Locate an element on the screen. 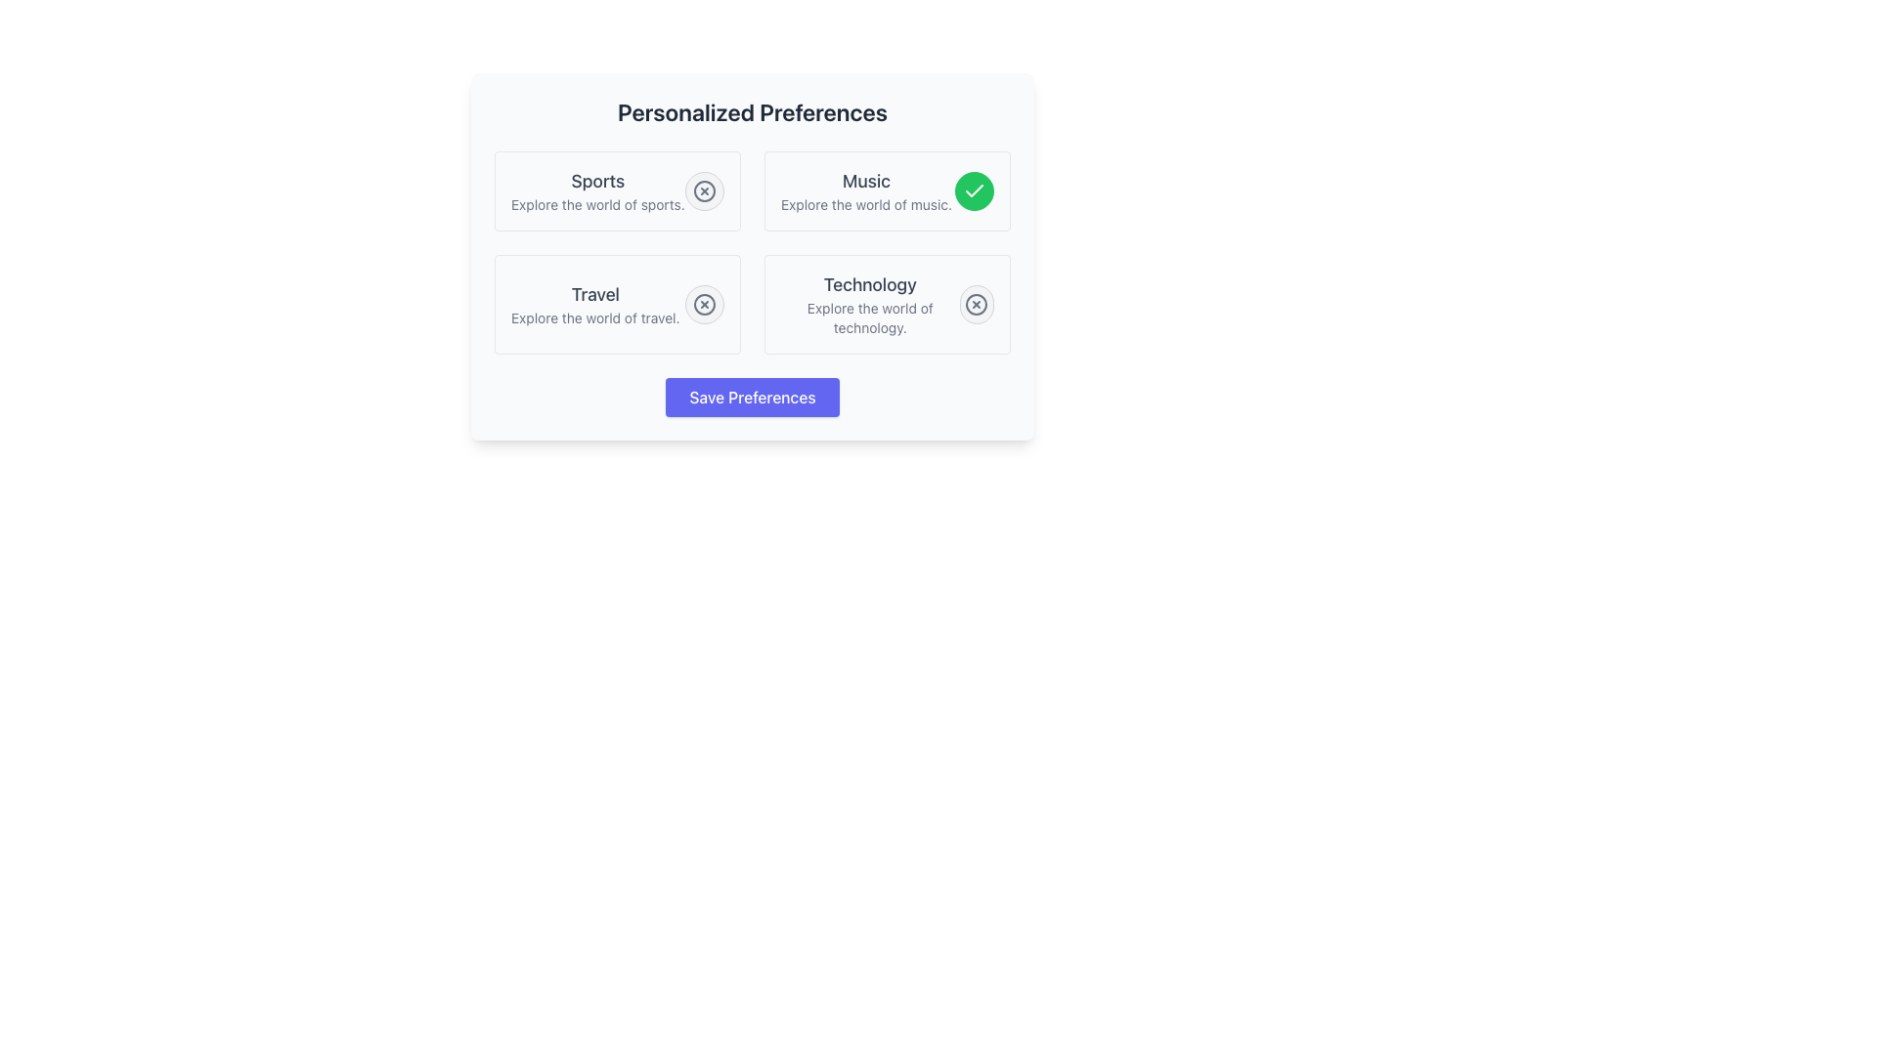 The height and width of the screenshot is (1055, 1877). the Interactive Icon (deselection) with a gray outline and a cross in the center, located in the top right corner of the 'Sports' option box, to deselect the 'Sports' preference is located at coordinates (704, 191).